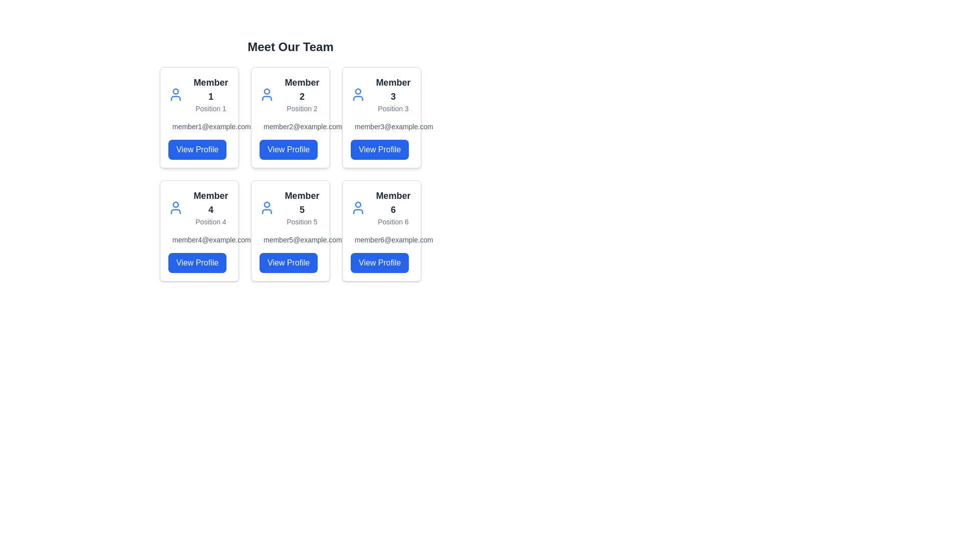  I want to click on the heading text element that serves as a title for the section listing team members, positioned at the top center of the layout, so click(290, 47).